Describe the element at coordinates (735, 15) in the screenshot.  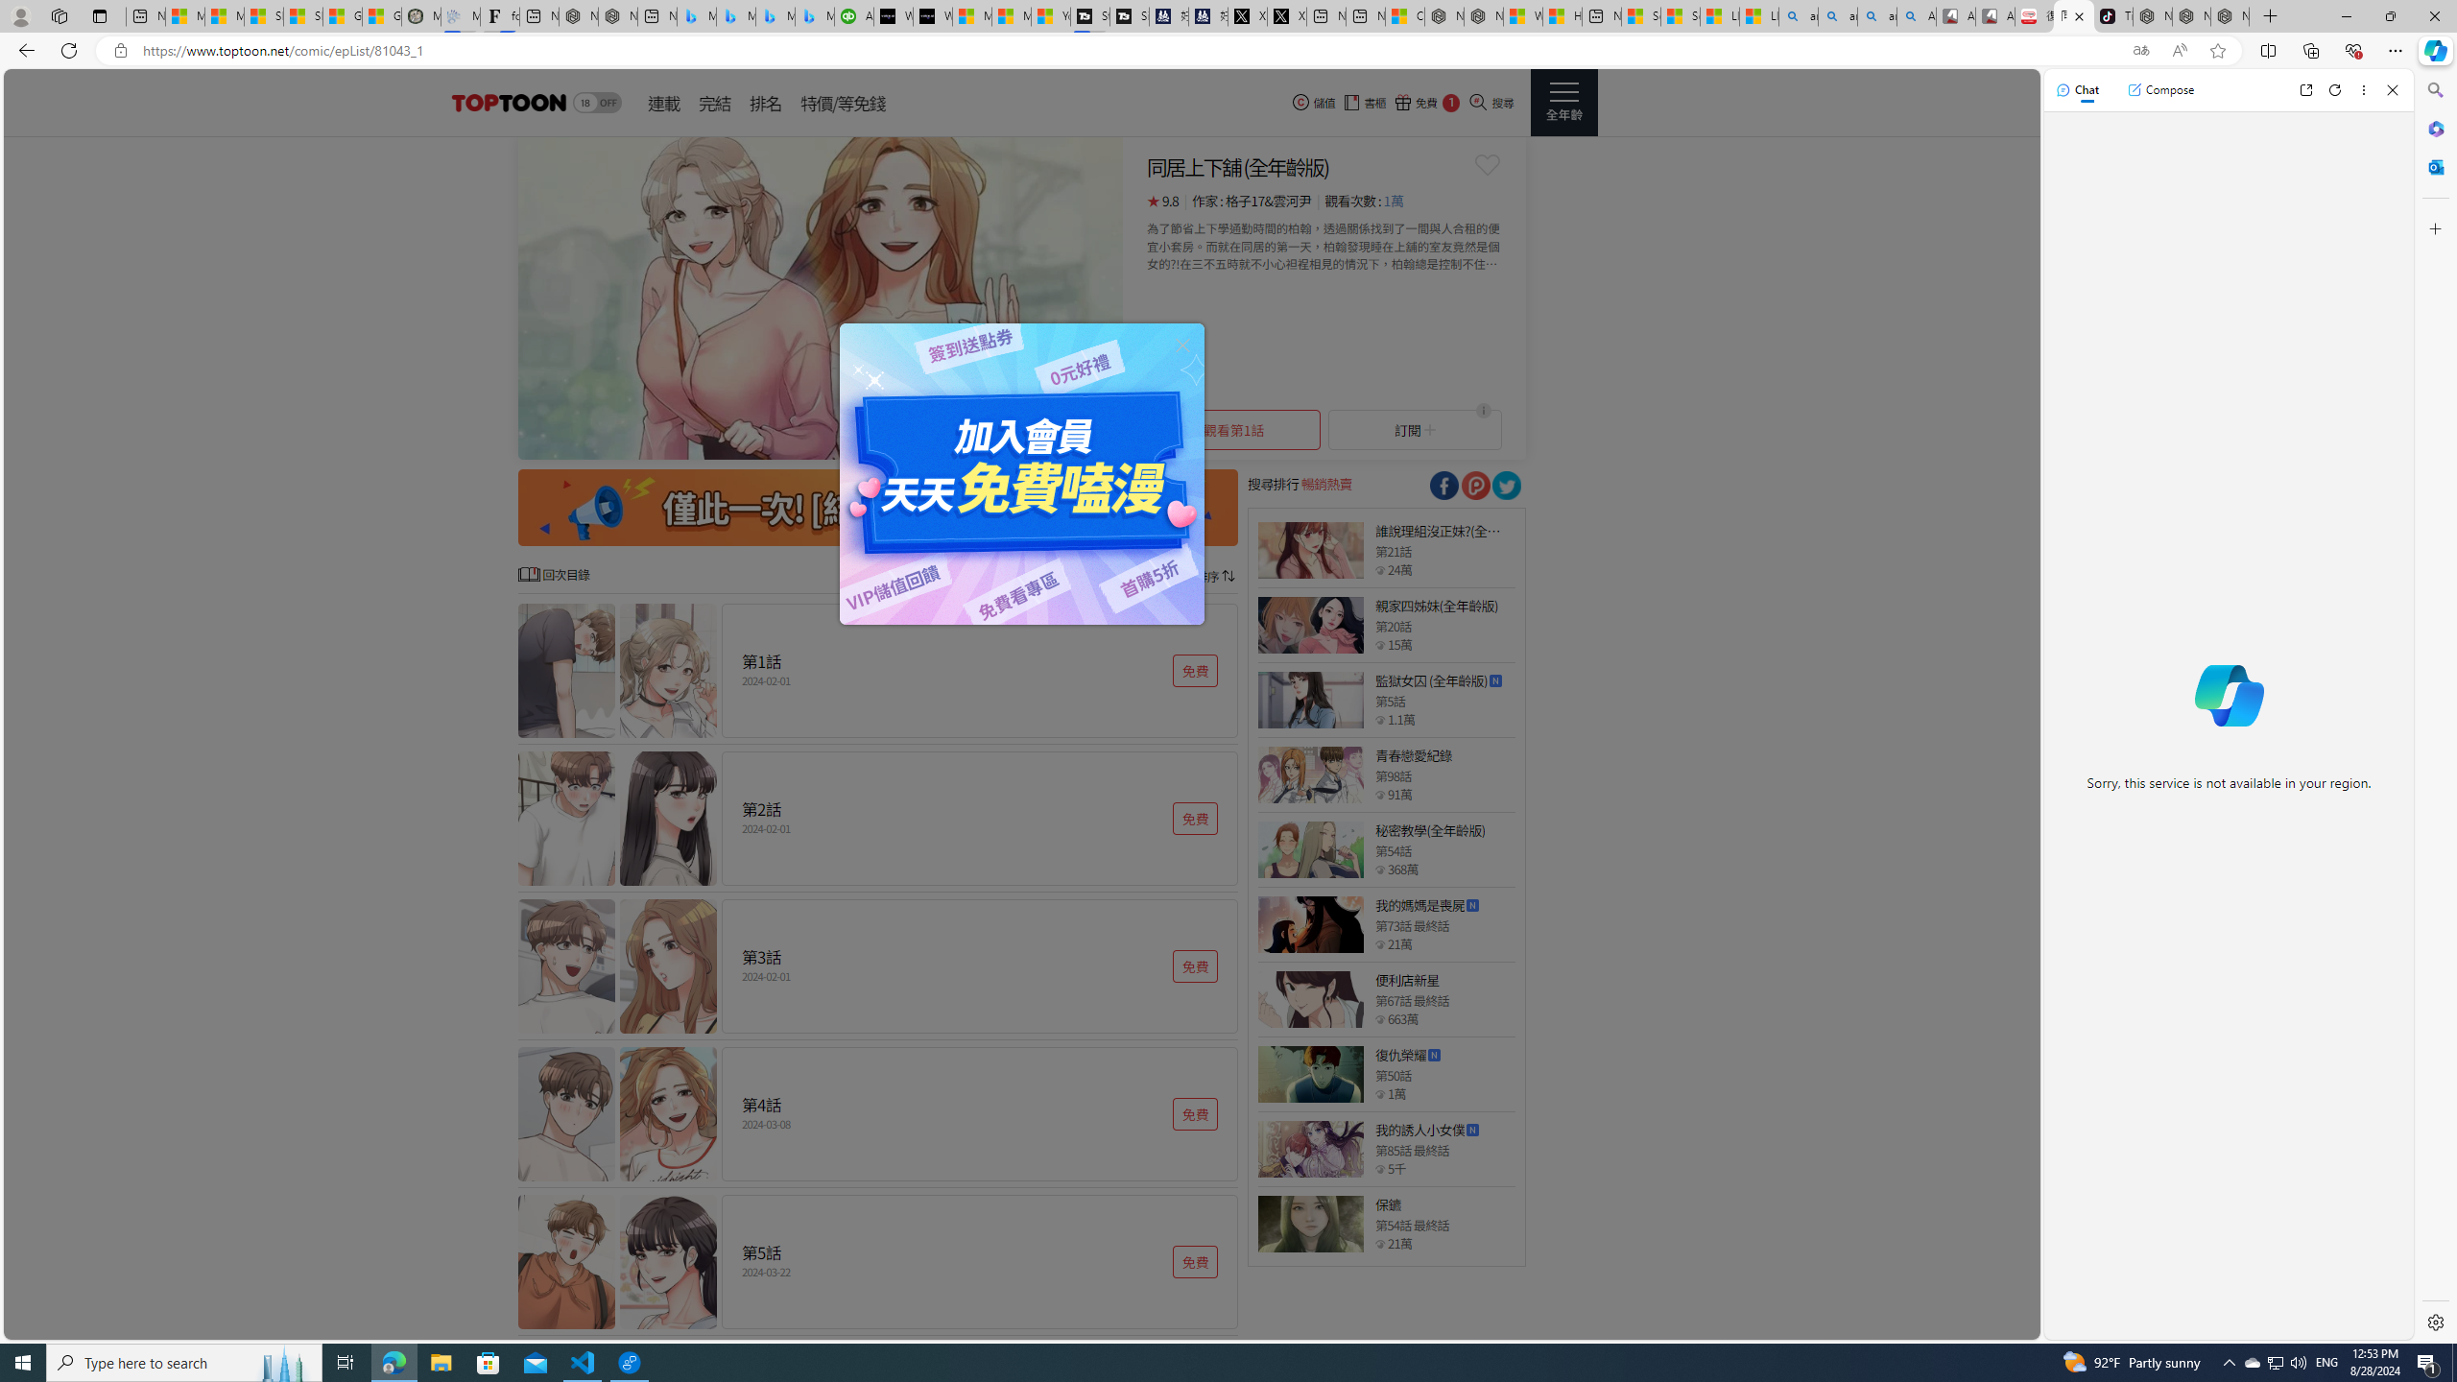
I see `'Microsoft Bing Travel - Stays in Bangkok, Bangkok, Thailand'` at that location.